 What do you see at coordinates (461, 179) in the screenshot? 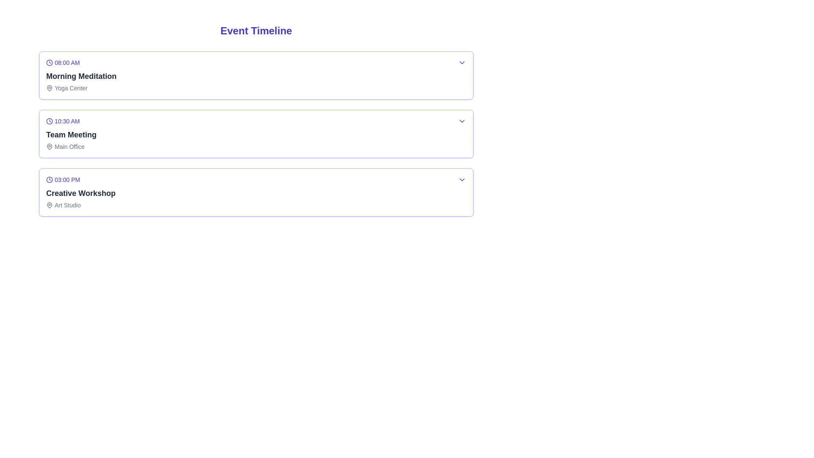
I see `the expand icon located in the top-right corner of the '03:00 PM Creative Workshop Art Studio' section` at bounding box center [461, 179].